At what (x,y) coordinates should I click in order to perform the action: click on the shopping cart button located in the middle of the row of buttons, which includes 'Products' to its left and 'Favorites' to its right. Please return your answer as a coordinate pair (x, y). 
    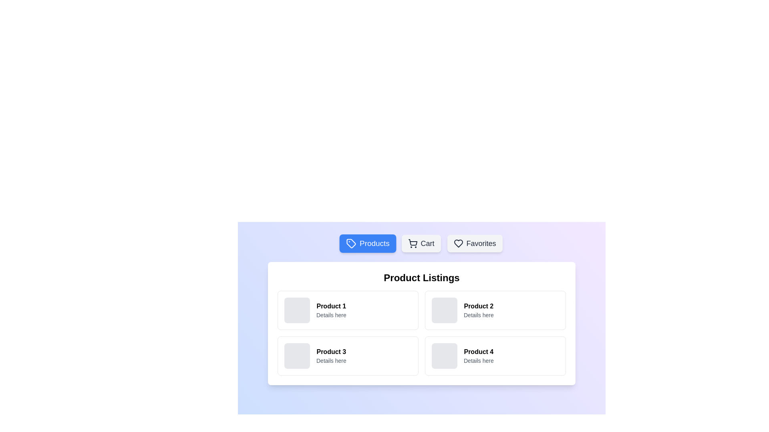
    Looking at the image, I should click on (421, 243).